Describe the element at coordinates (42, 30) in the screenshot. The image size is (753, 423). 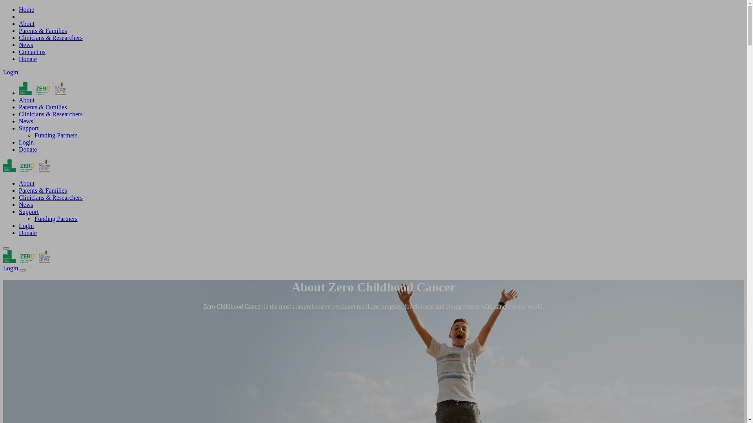
I see `'Parents & Families'` at that location.